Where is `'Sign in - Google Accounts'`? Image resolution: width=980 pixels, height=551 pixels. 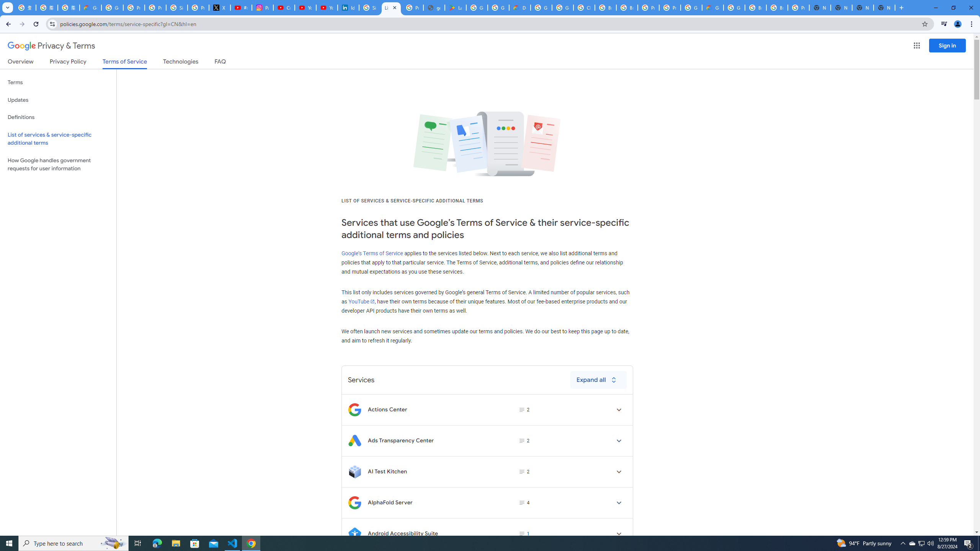
'Sign in - Google Accounts' is located at coordinates (370, 7).